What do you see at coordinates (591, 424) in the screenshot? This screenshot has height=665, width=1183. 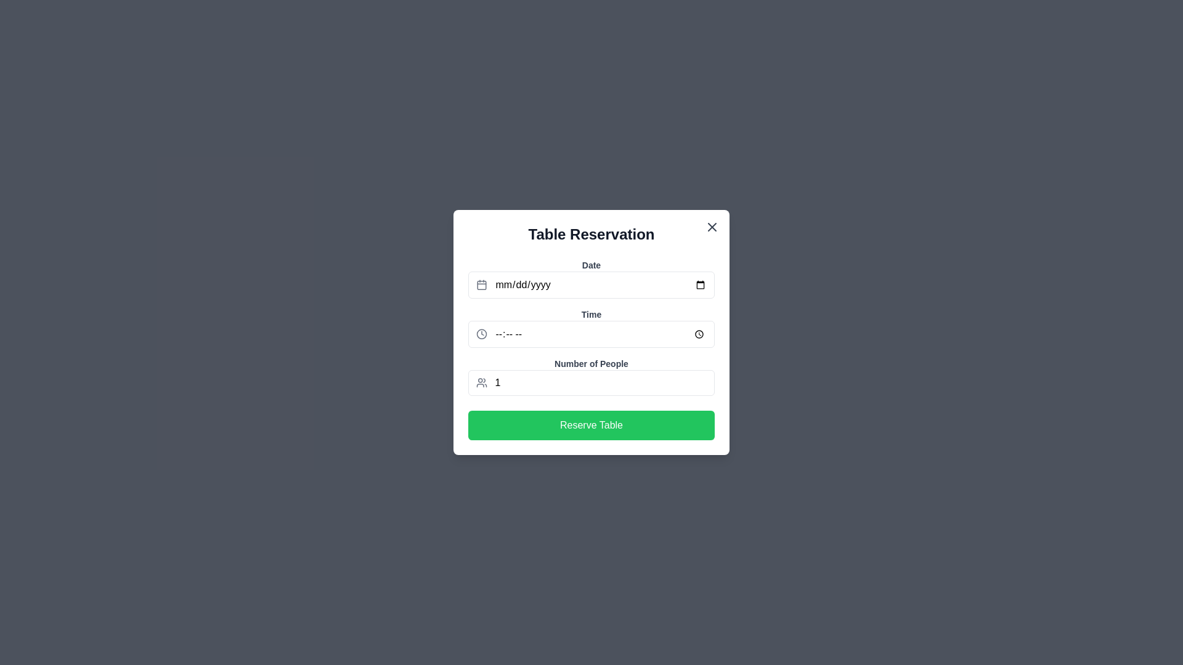 I see `the confirmation button located at the bottom of the 'Table Reservation' modal dialog box to finalize the reservation process` at bounding box center [591, 424].